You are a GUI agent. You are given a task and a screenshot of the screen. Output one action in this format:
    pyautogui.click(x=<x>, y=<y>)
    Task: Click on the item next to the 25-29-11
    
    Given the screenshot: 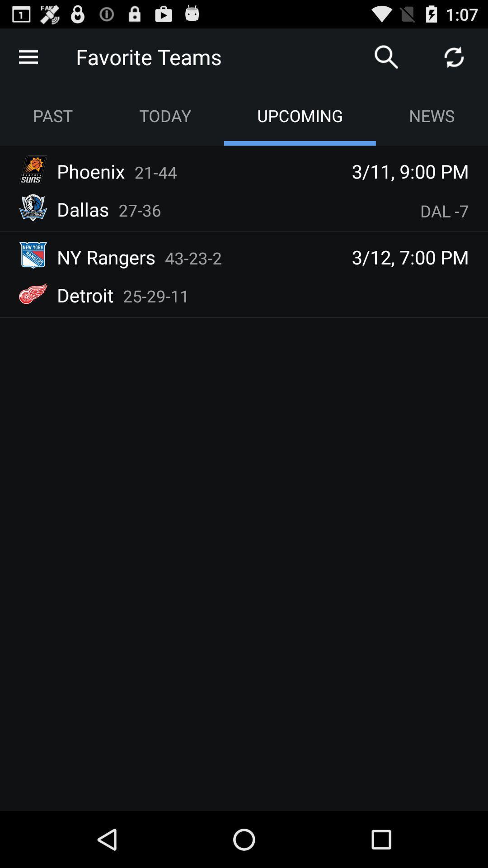 What is the action you would take?
    pyautogui.click(x=85, y=295)
    